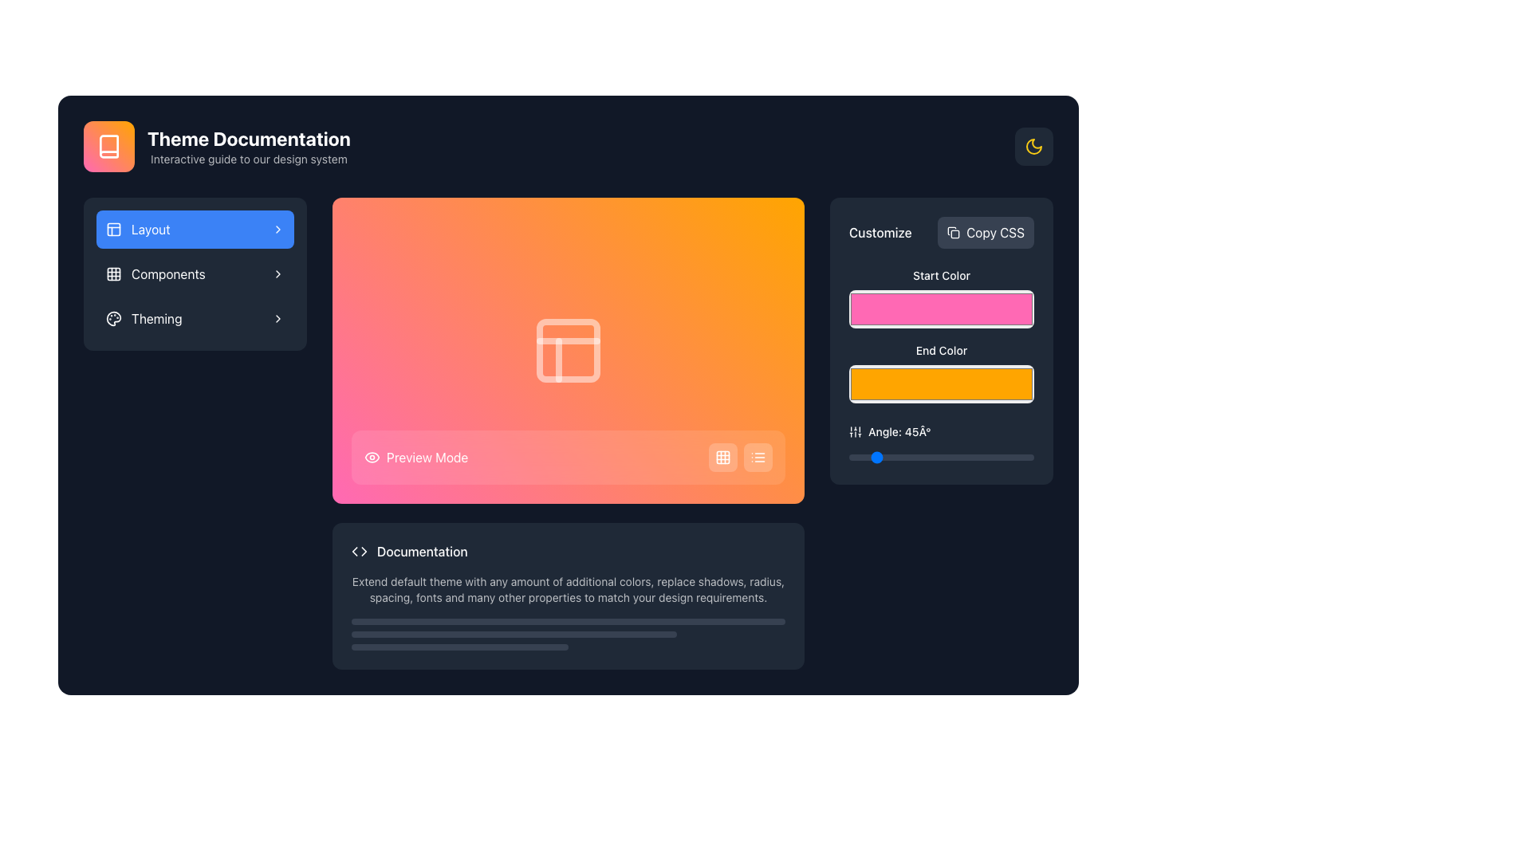 The width and height of the screenshot is (1531, 861). Describe the element at coordinates (151, 230) in the screenshot. I see `the 'Layout' text label, which is styled with bold, white text and is the first item in a vertical menu list, positioned within a blue rectangular background` at that location.